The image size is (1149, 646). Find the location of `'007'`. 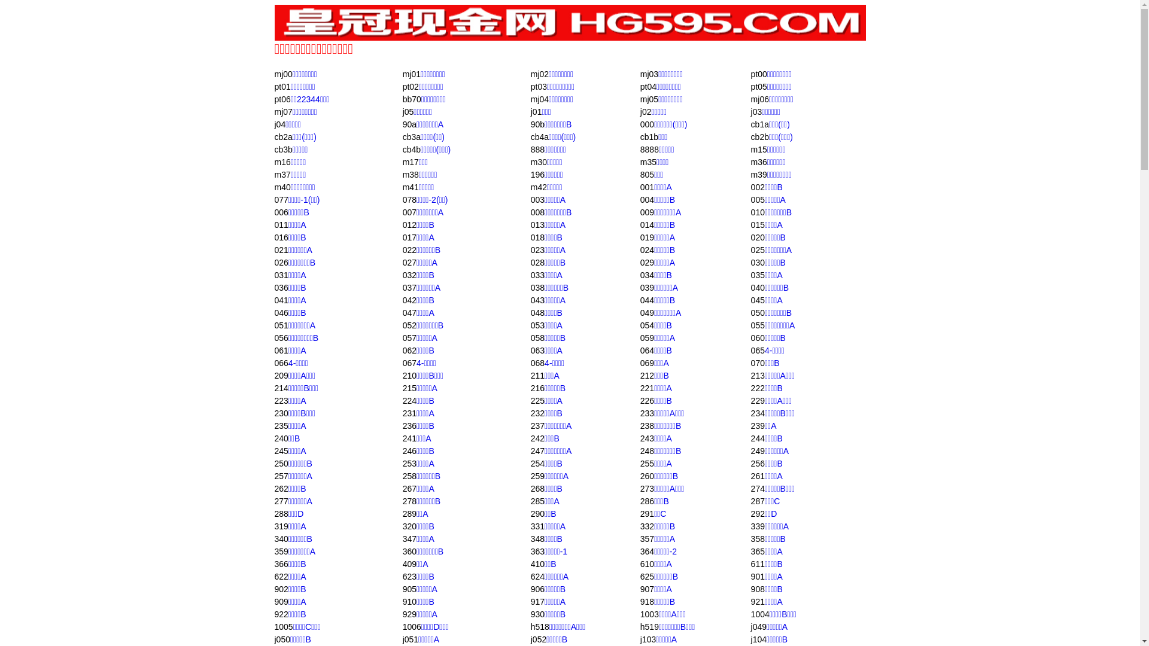

'007' is located at coordinates (409, 211).